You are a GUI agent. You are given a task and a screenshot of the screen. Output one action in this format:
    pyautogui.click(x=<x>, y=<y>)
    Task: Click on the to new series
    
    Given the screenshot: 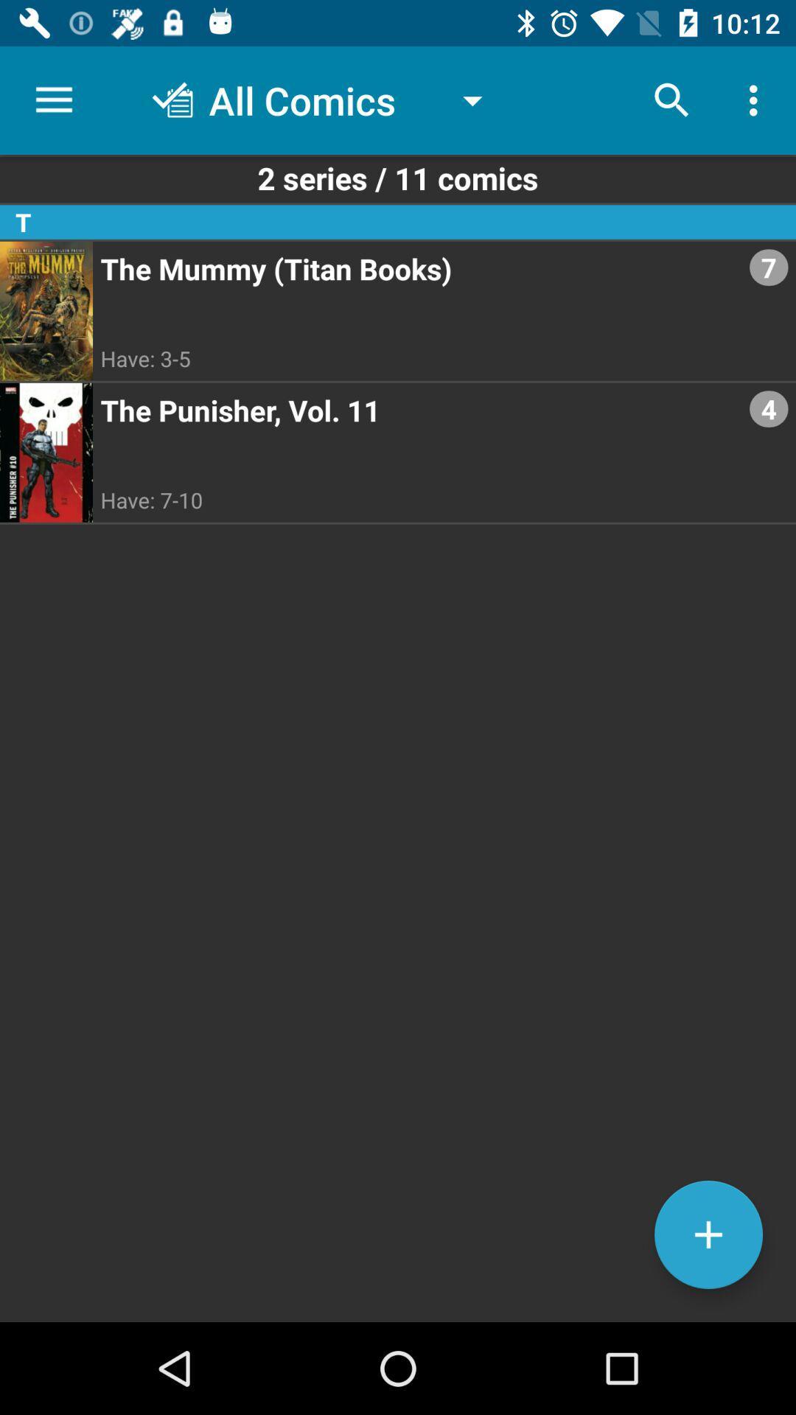 What is the action you would take?
    pyautogui.click(x=708, y=1234)
    